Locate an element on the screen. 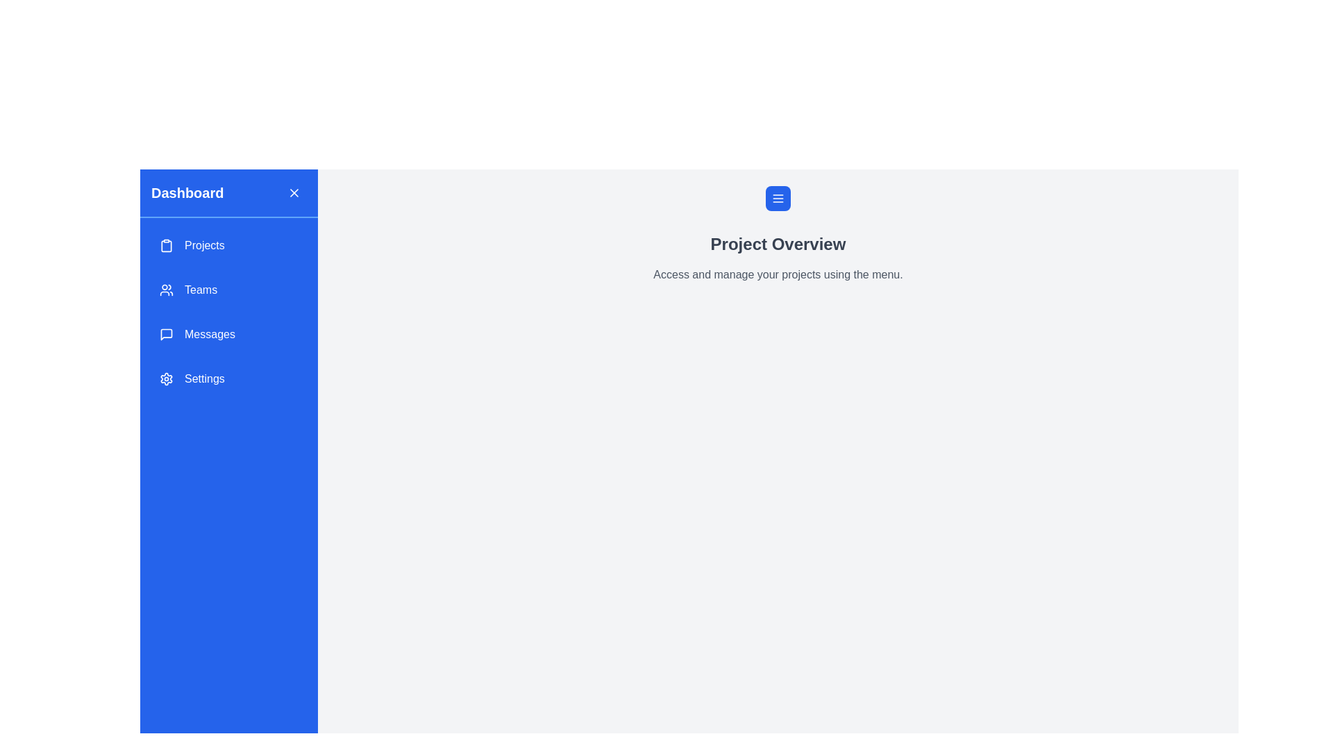  the close button SVG element located in the top-left navigation pane, which is situated to the right of the 'Dashboard' label is located at coordinates (293, 192).